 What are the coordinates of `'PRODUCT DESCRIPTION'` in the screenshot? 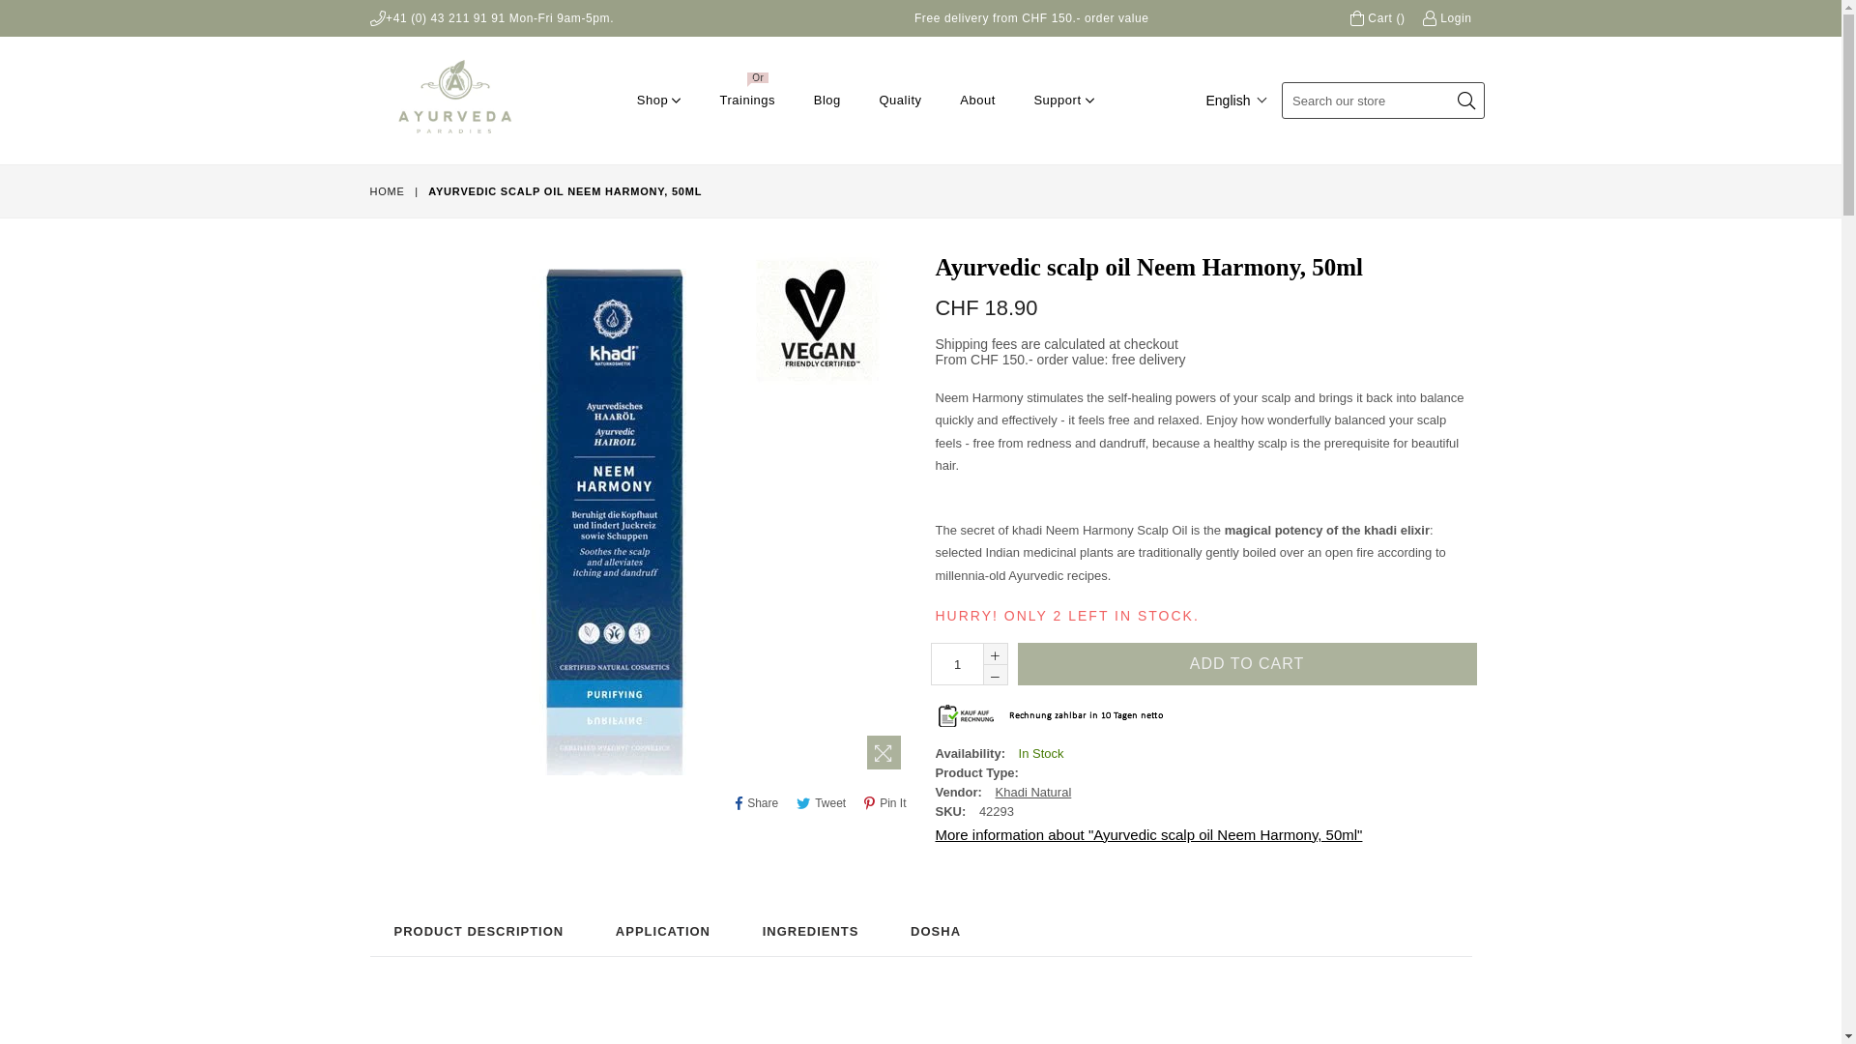 It's located at (369, 930).